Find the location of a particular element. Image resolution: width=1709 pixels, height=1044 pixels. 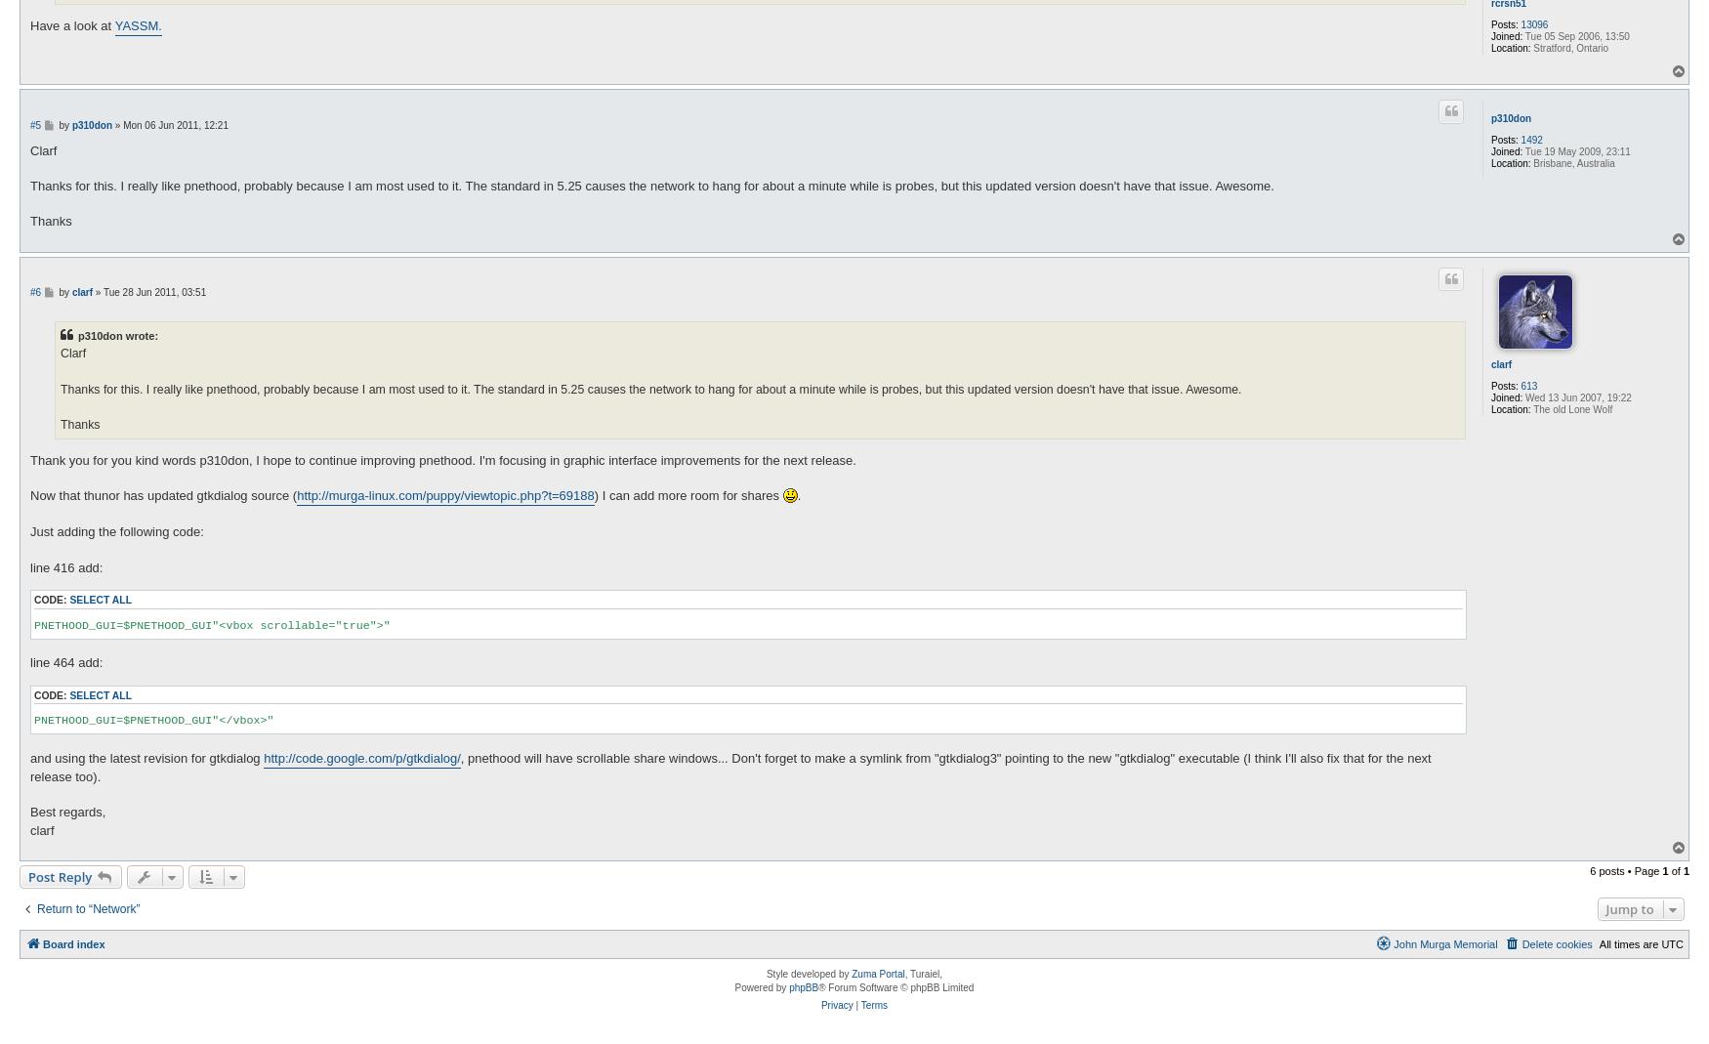

'.' is located at coordinates (798, 494).